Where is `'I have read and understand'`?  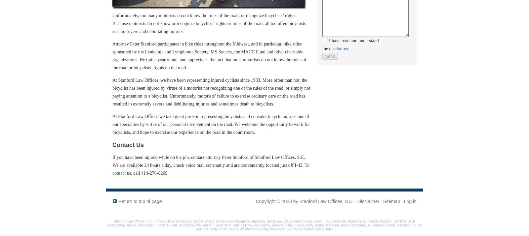
'I have read and understand' is located at coordinates (353, 41).